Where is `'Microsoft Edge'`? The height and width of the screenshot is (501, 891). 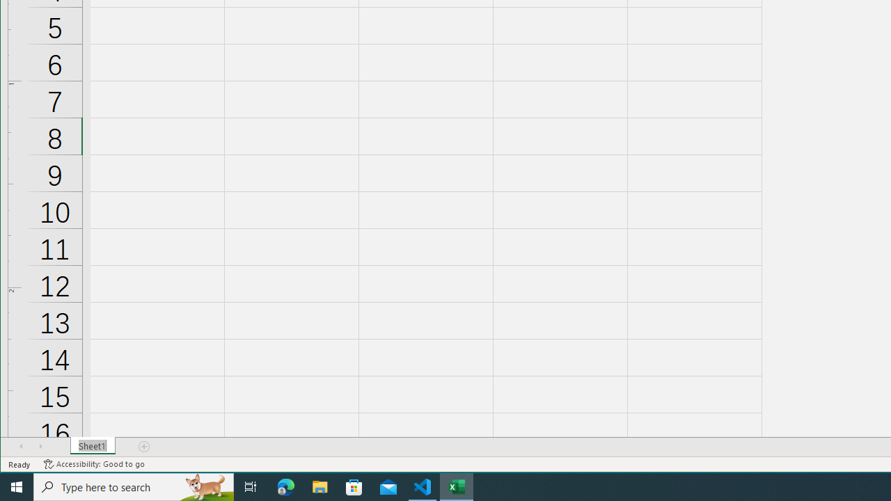 'Microsoft Edge' is located at coordinates (285, 486).